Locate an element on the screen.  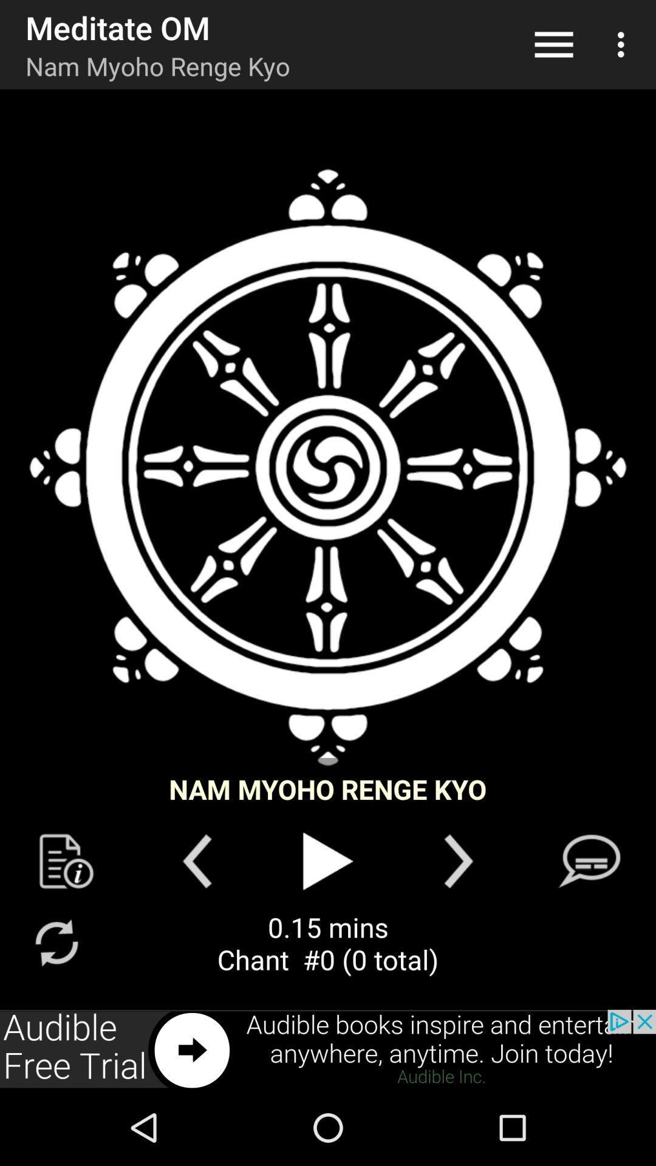
the advertisement is located at coordinates (328, 1049).